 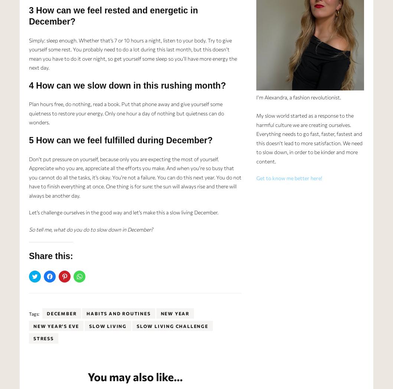 I want to click on '5 How can we feel fulfilled during December?', so click(x=120, y=139).